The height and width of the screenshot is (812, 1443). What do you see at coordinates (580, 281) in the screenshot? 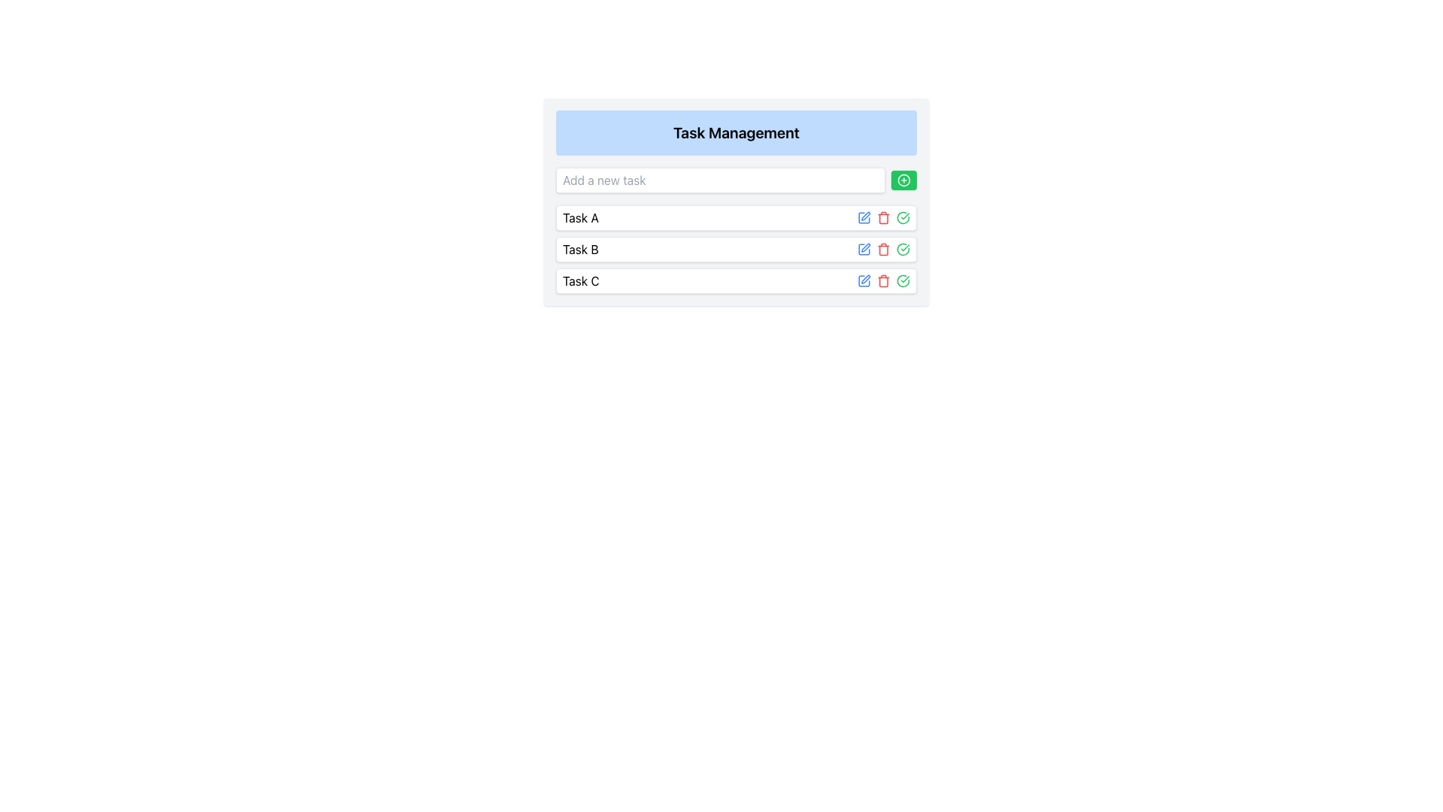
I see `the text label representing the third task in the task management interface` at bounding box center [580, 281].